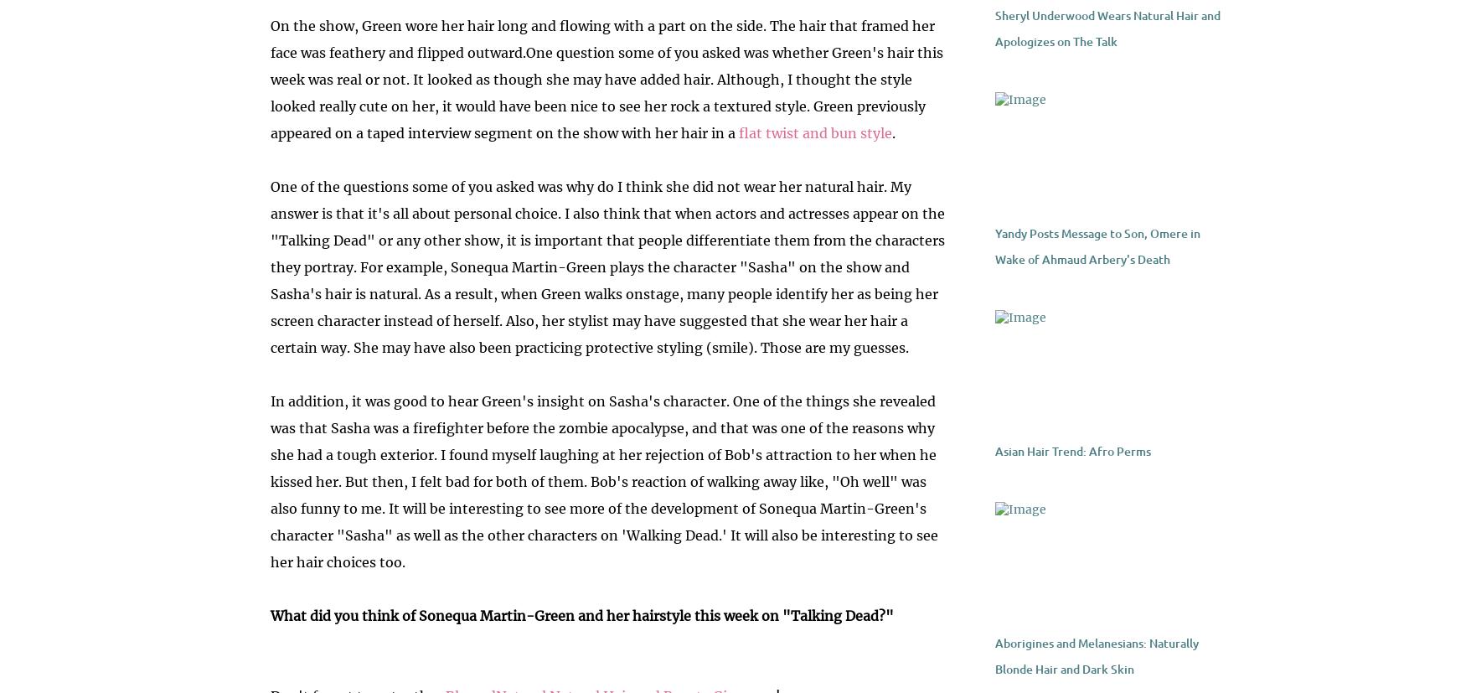  I want to click on 'What did you think of Sonequa Martin-Green and her hairstyle this week on "Talking Dead?"', so click(581, 615).